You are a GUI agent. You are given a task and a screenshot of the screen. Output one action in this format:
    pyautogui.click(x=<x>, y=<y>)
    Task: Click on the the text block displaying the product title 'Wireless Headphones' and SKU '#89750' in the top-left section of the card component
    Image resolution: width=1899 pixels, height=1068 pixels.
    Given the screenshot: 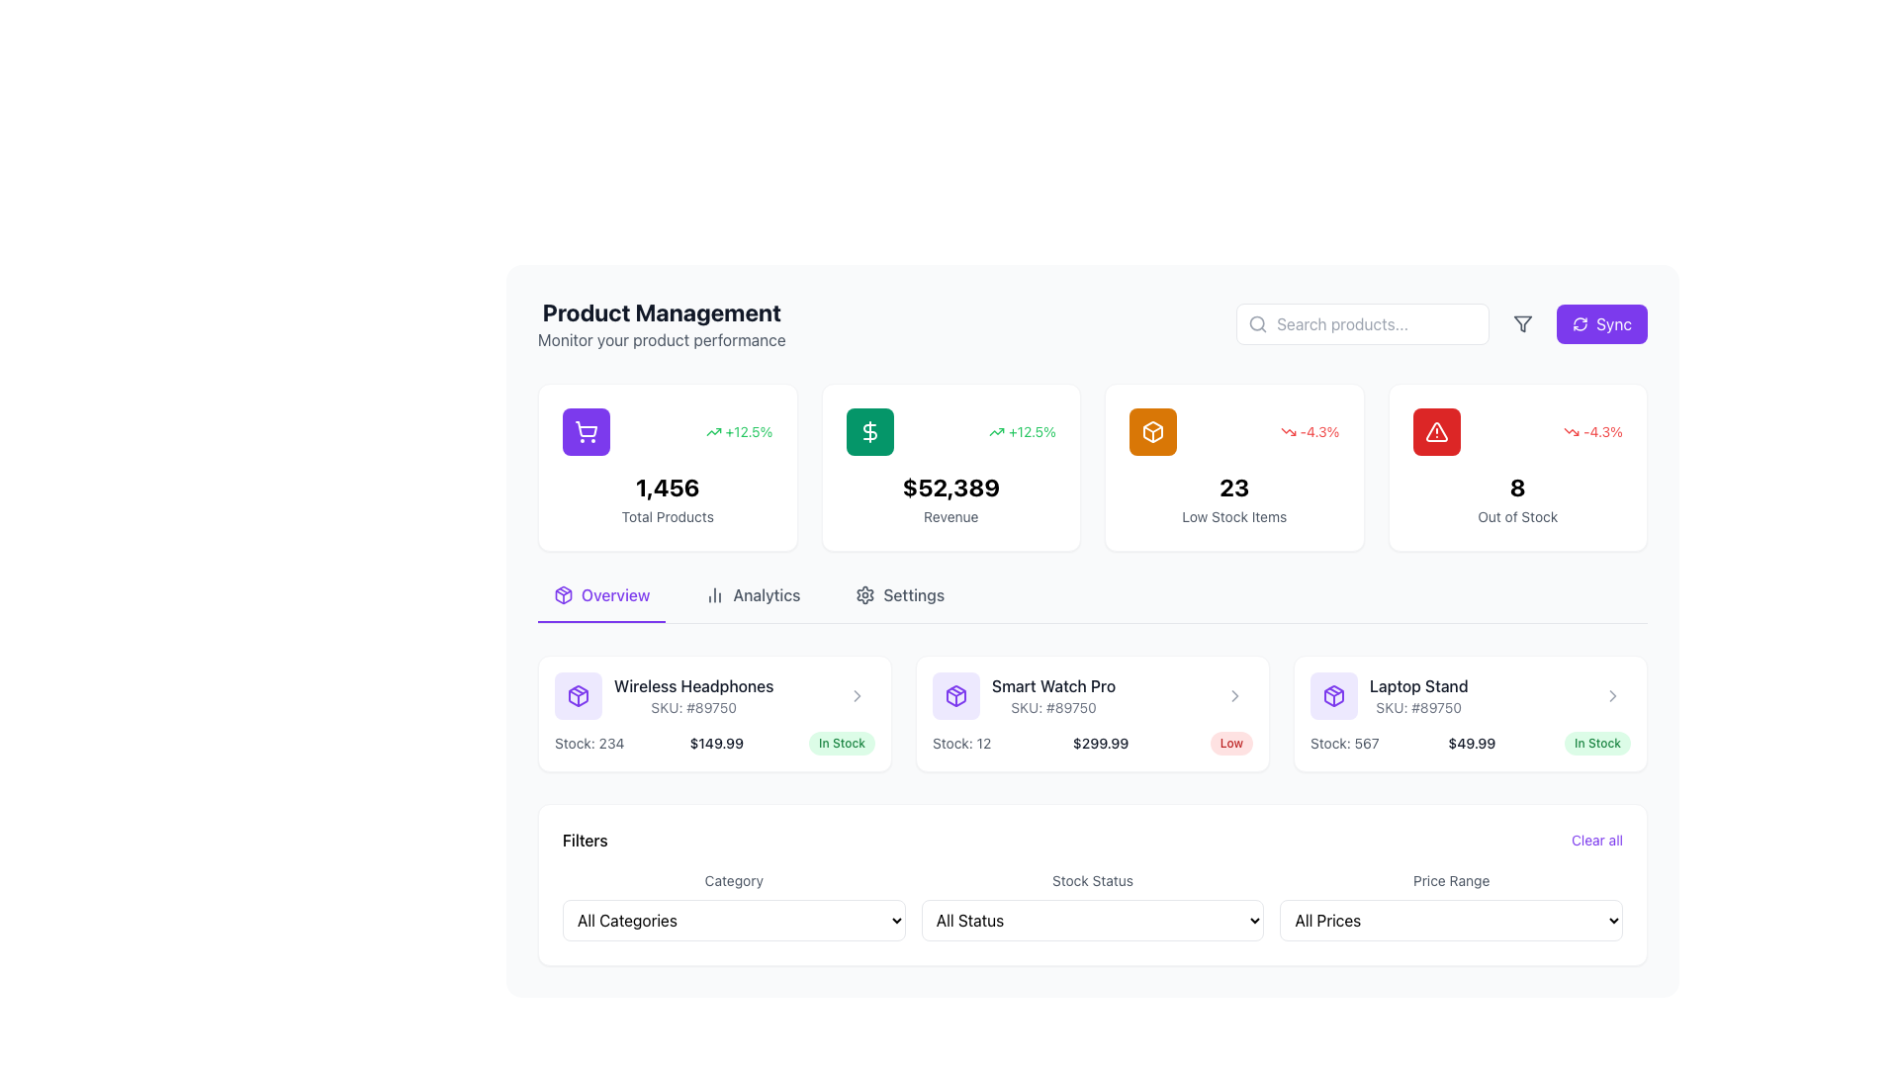 What is the action you would take?
    pyautogui.click(x=714, y=695)
    